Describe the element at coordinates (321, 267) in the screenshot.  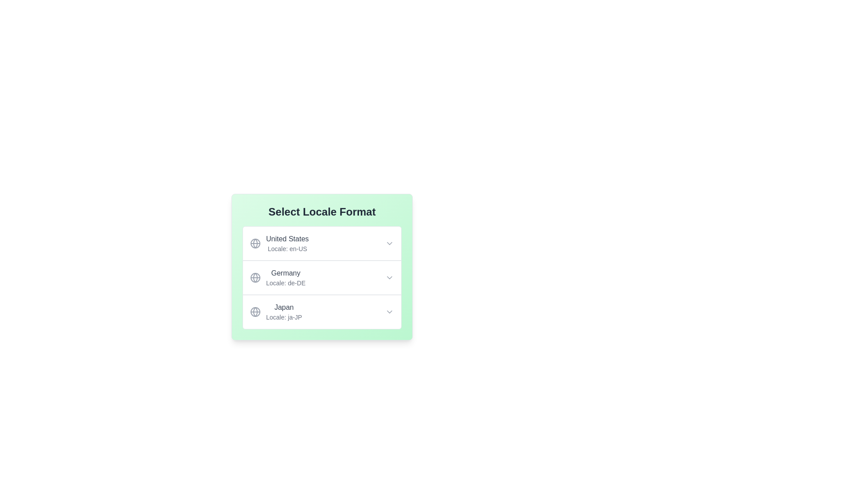
I see `the second row of the locale selection menu` at that location.